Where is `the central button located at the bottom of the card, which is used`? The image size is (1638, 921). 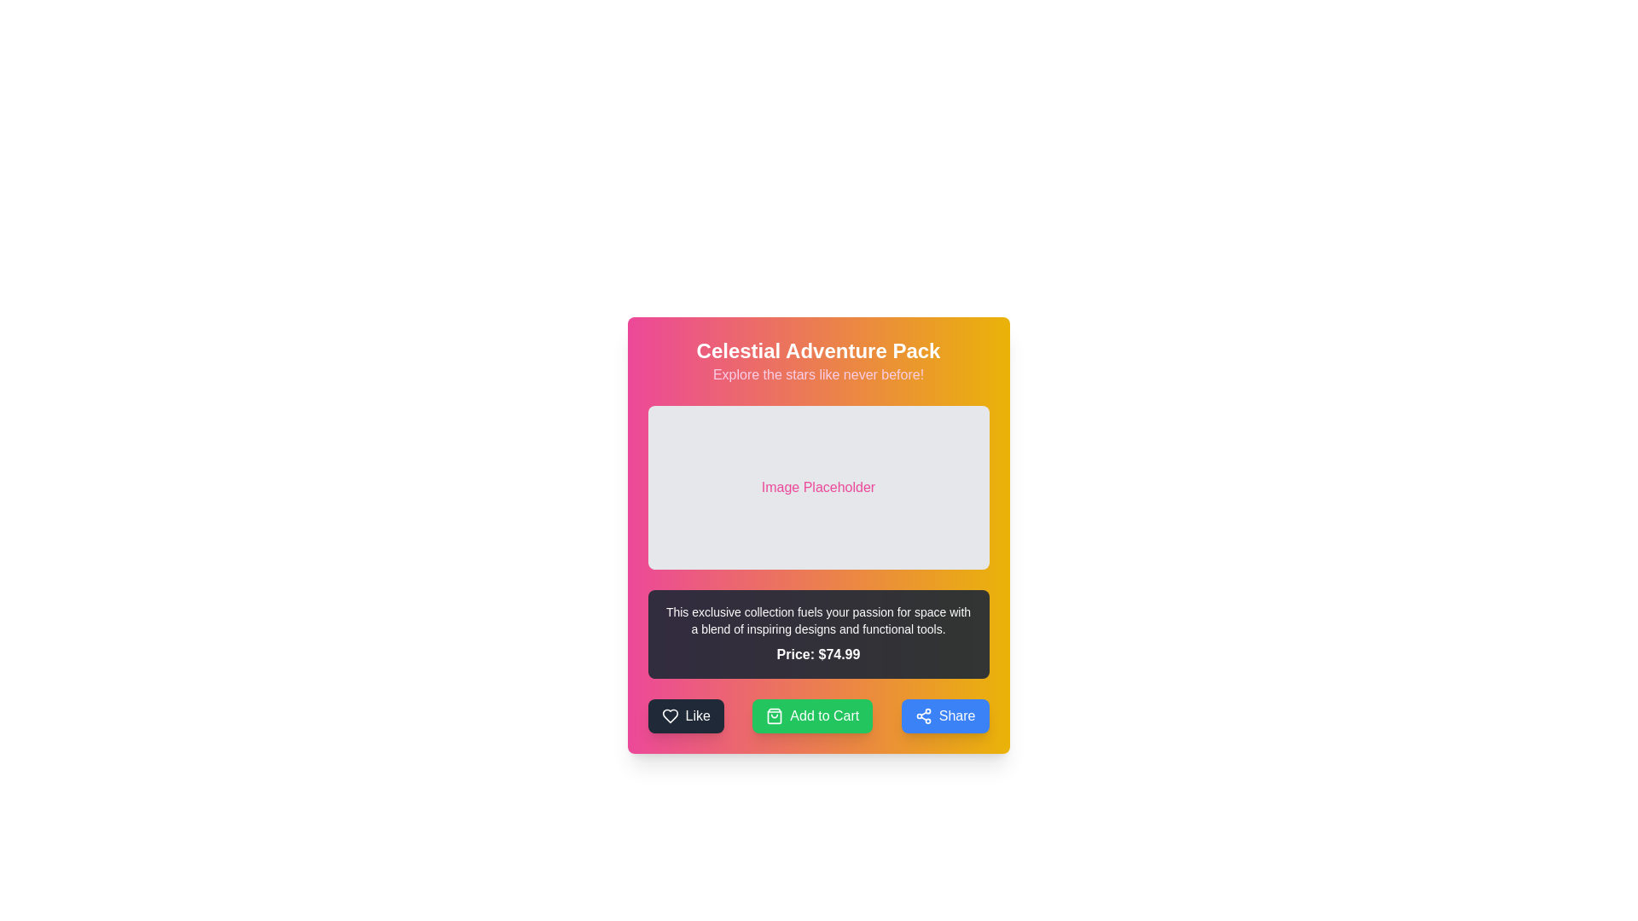
the central button located at the bottom of the card, which is used is located at coordinates (817, 716).